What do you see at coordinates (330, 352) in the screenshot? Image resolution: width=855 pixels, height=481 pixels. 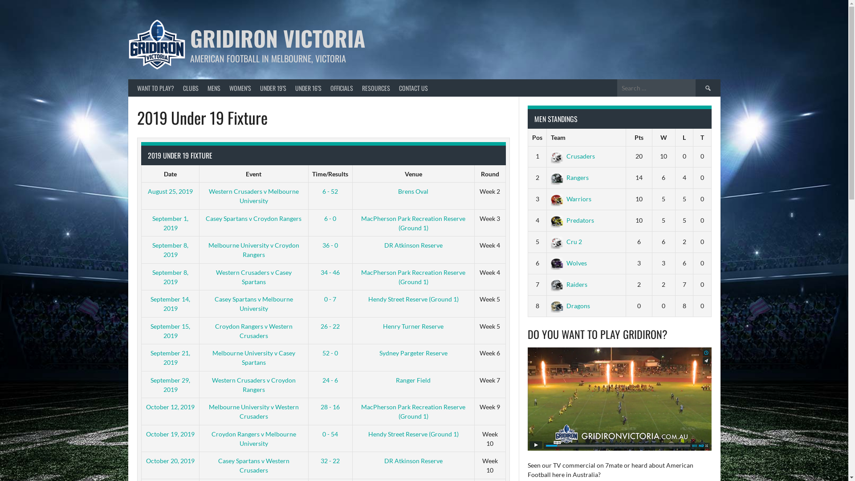 I see `'52 - 0'` at bounding box center [330, 352].